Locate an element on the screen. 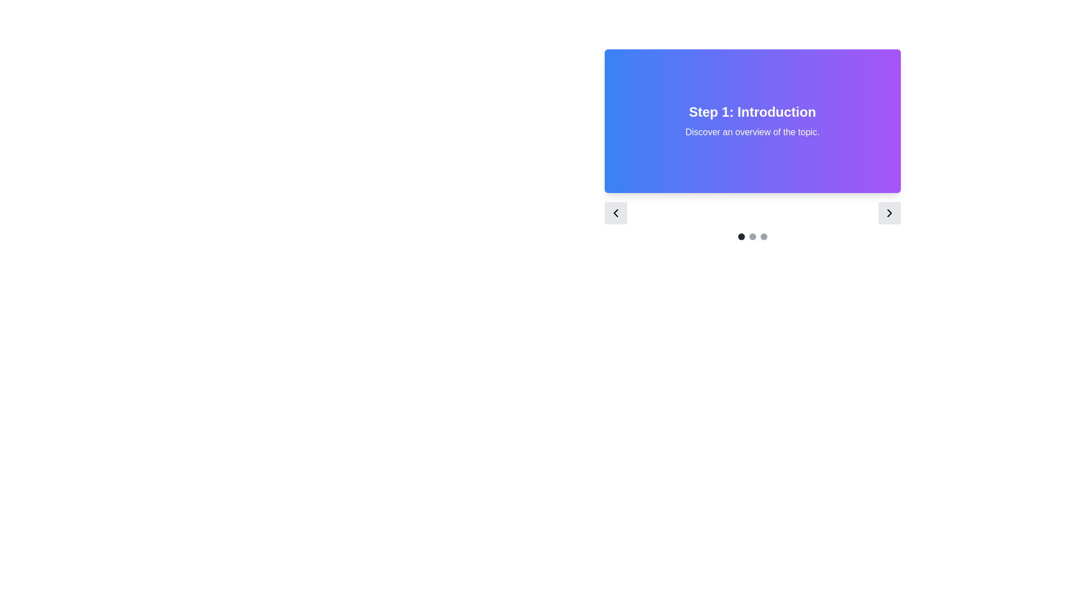 The width and height of the screenshot is (1077, 606). the pagination indicator with circular buttons located below the main card labeled 'Step 1: Introduction' at the center of the interface is located at coordinates (752, 236).